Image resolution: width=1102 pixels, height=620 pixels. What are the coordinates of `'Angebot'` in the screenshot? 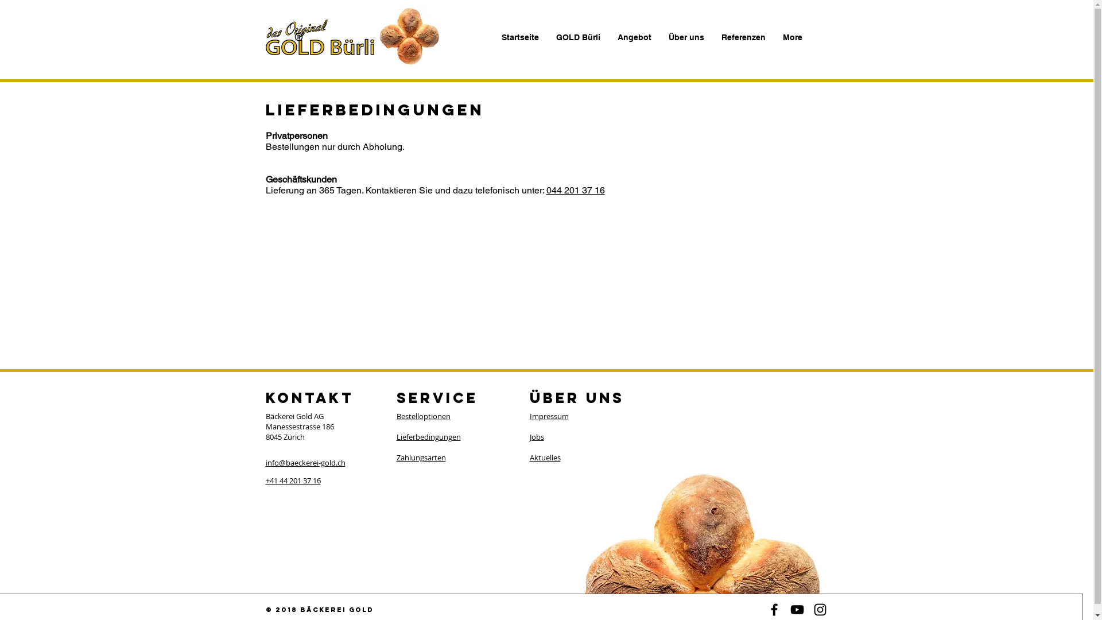 It's located at (633, 37).